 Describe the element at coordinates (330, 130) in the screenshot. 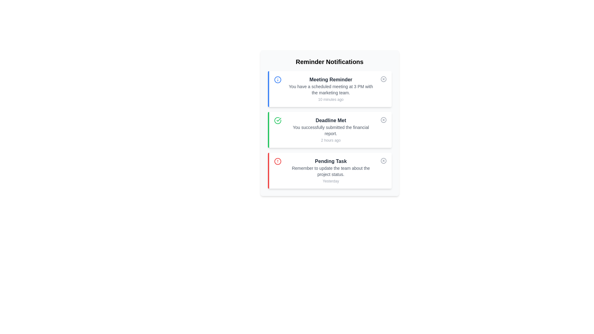

I see `the information displayed in the Notification card titled 'Deadline Met', which states 'You successfully submitted the financial report.'` at that location.